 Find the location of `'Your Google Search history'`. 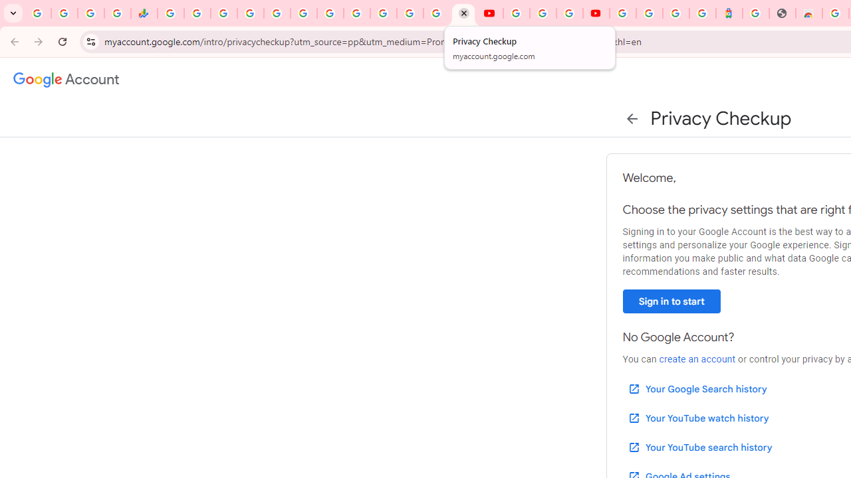

'Your Google Search history' is located at coordinates (696, 388).